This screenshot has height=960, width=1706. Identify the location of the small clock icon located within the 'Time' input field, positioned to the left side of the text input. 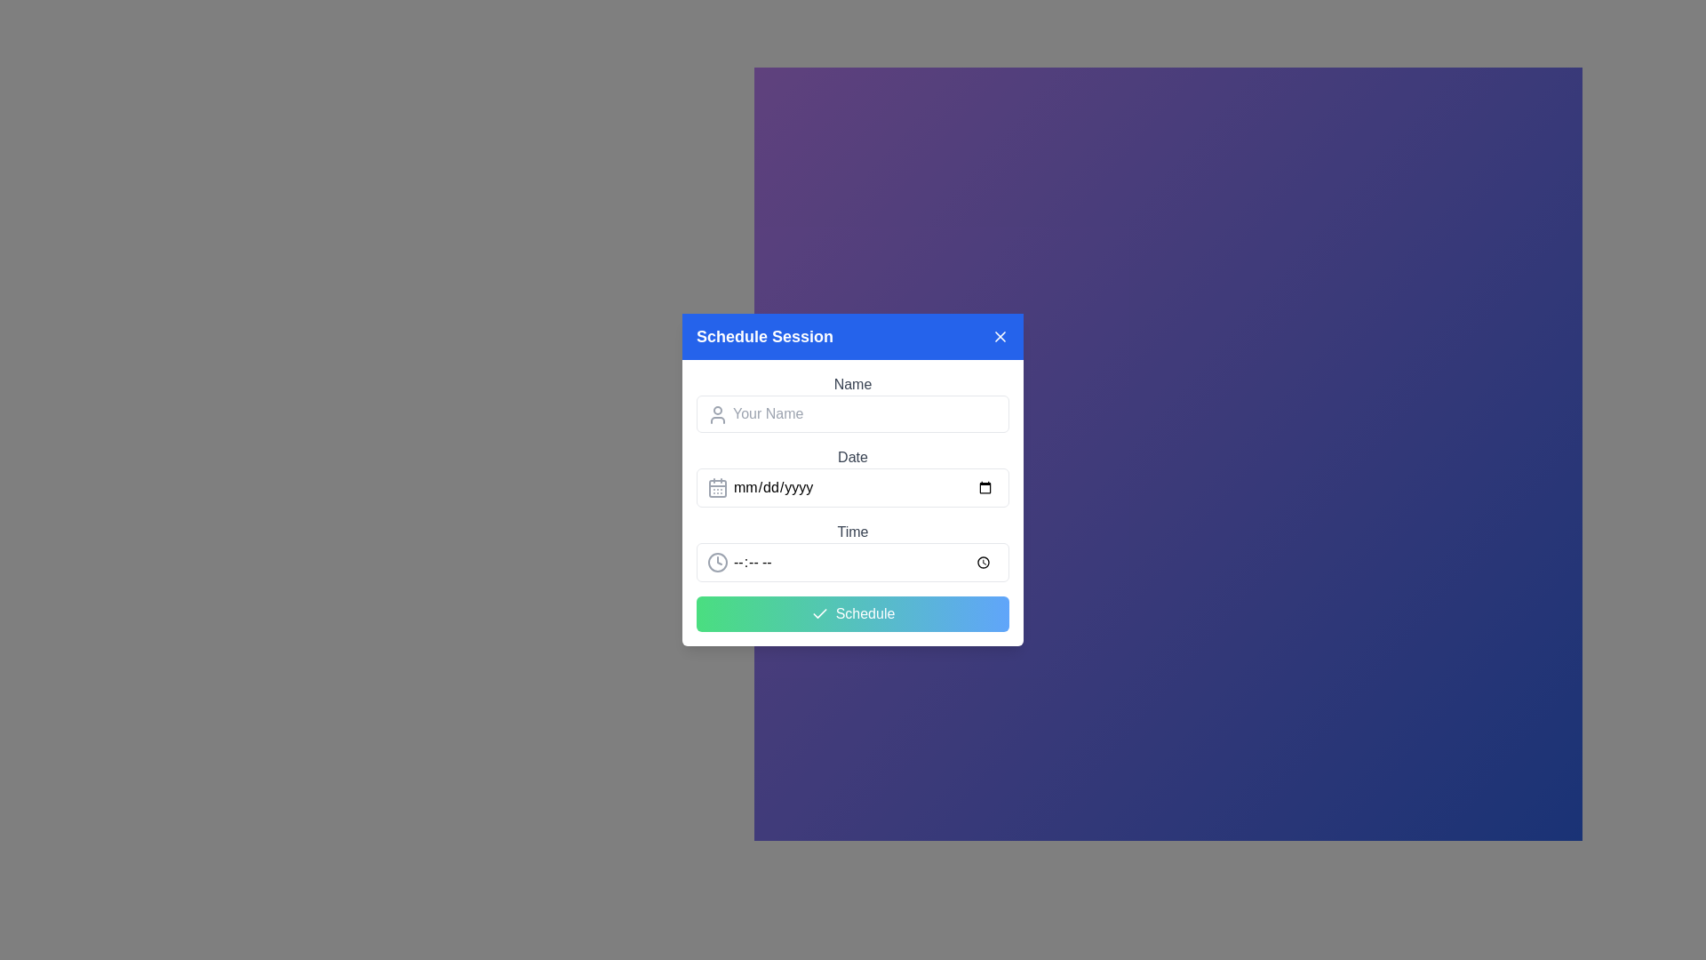
(717, 562).